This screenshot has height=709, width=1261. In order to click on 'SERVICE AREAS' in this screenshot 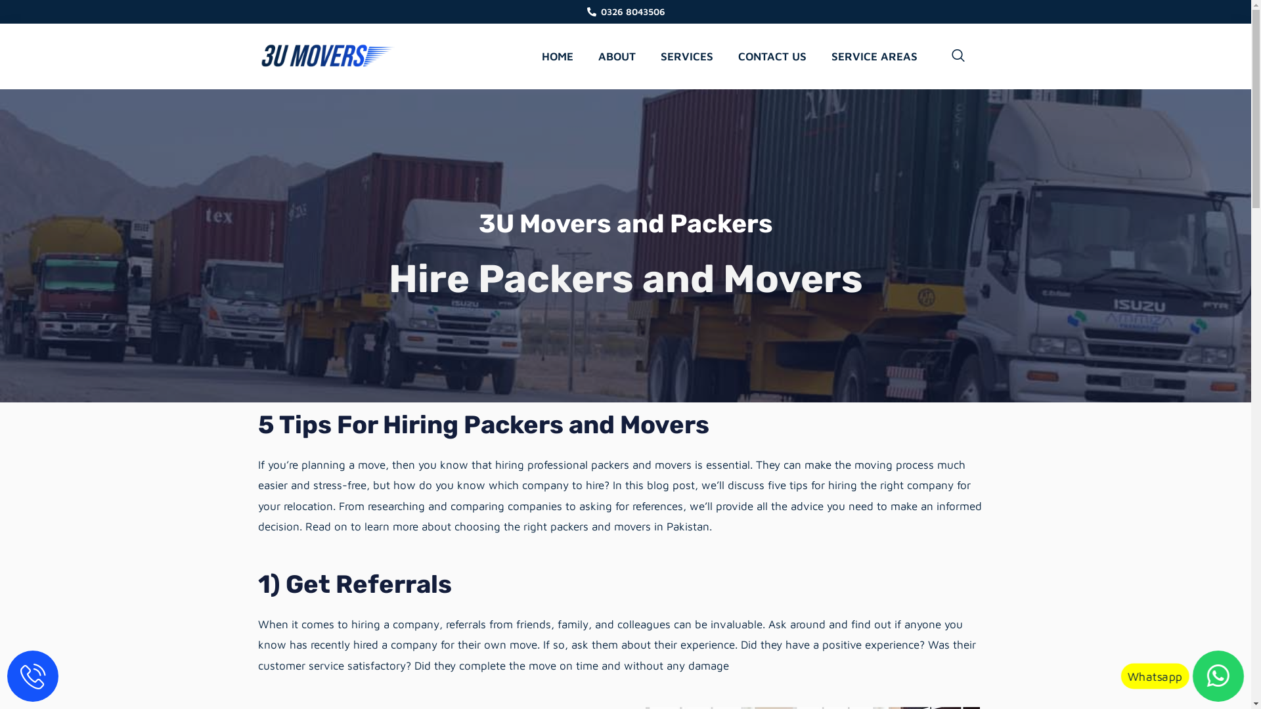, I will do `click(874, 55)`.